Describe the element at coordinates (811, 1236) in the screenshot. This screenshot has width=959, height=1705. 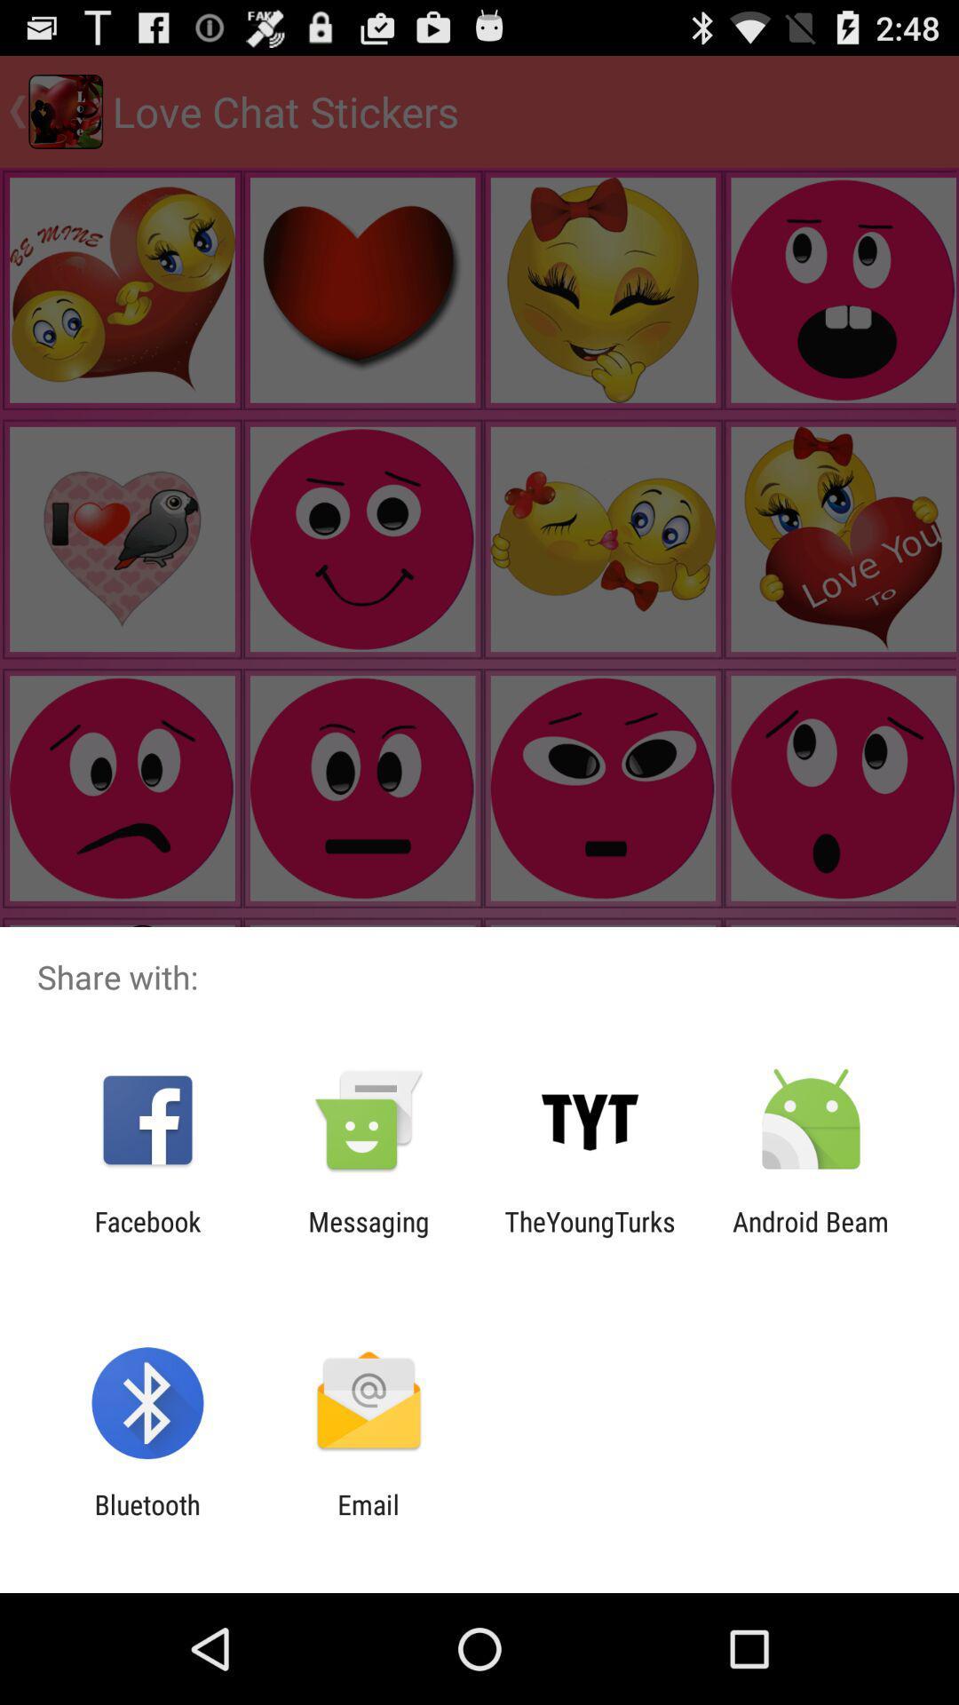
I see `the icon to the right of theyoungturks` at that location.